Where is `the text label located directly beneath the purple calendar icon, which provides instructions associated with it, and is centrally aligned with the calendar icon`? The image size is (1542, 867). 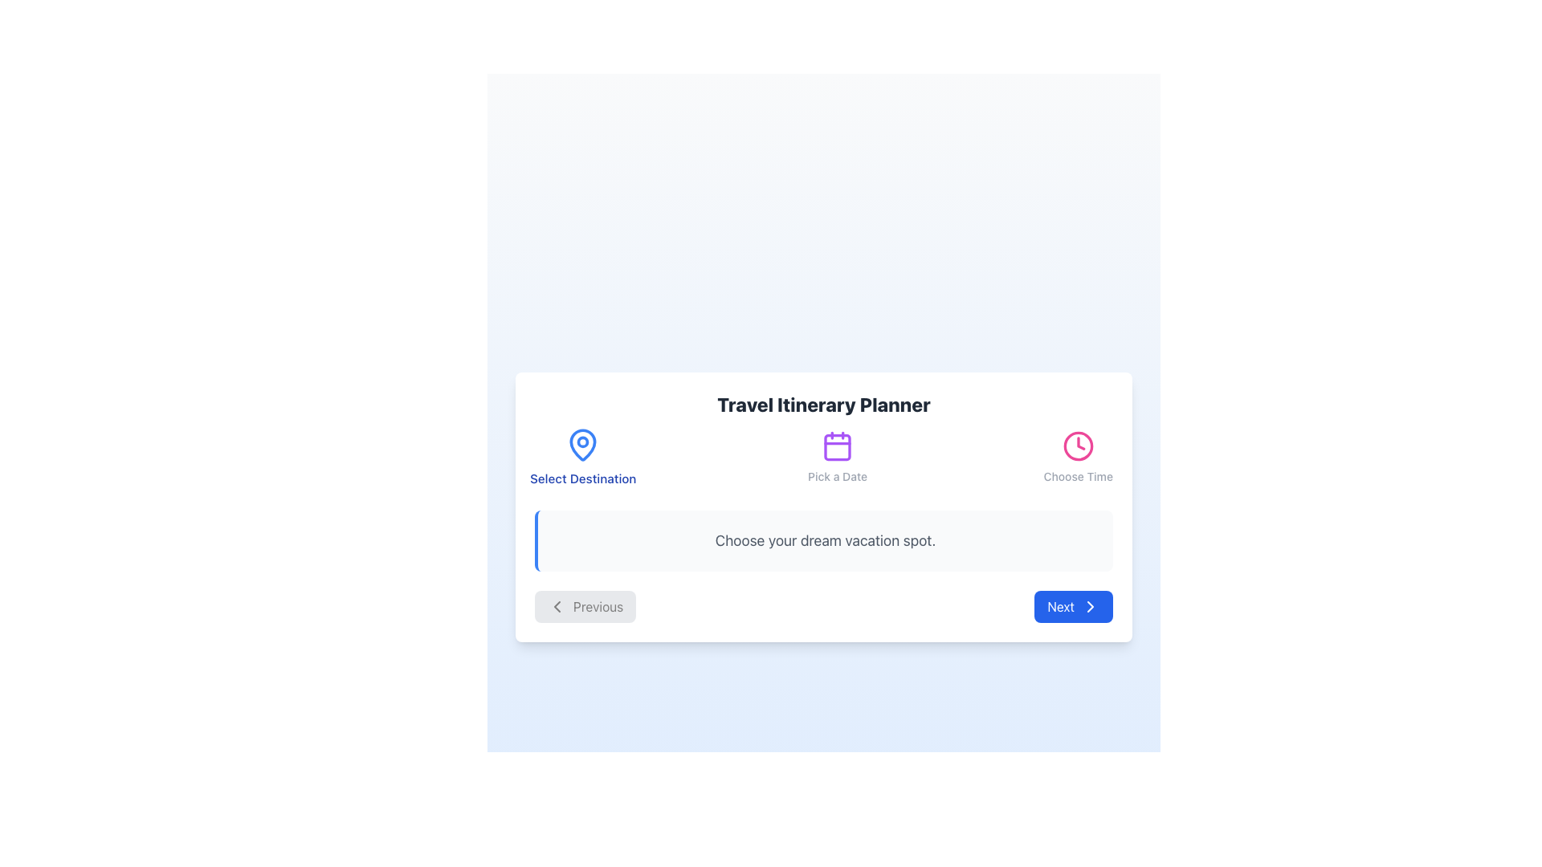 the text label located directly beneath the purple calendar icon, which provides instructions associated with it, and is centrally aligned with the calendar icon is located at coordinates (837, 476).